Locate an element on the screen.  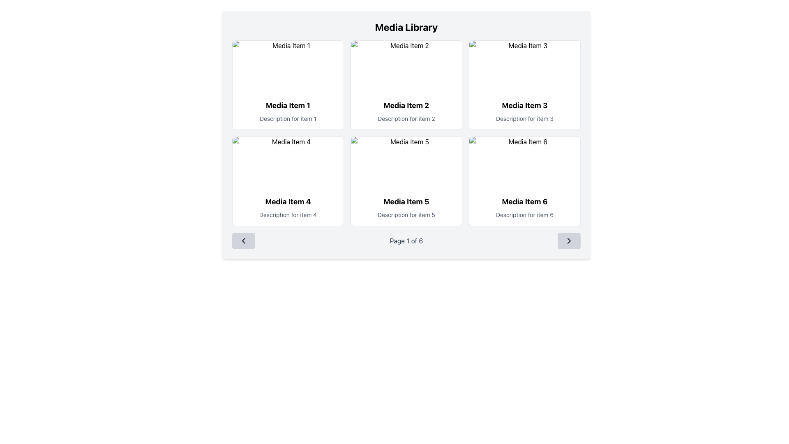
the navigation button located at the far left of the bottom interface is located at coordinates (243, 240).